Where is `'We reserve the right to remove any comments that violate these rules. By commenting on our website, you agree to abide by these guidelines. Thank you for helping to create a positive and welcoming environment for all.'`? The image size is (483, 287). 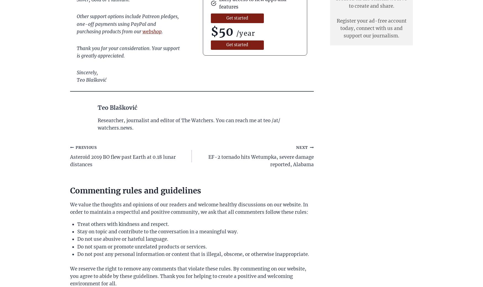 'We reserve the right to remove any comments that violate these rules. By commenting on our website, you agree to abide by these guidelines. Thank you for helping to create a positive and welcoming environment for all.' is located at coordinates (188, 276).